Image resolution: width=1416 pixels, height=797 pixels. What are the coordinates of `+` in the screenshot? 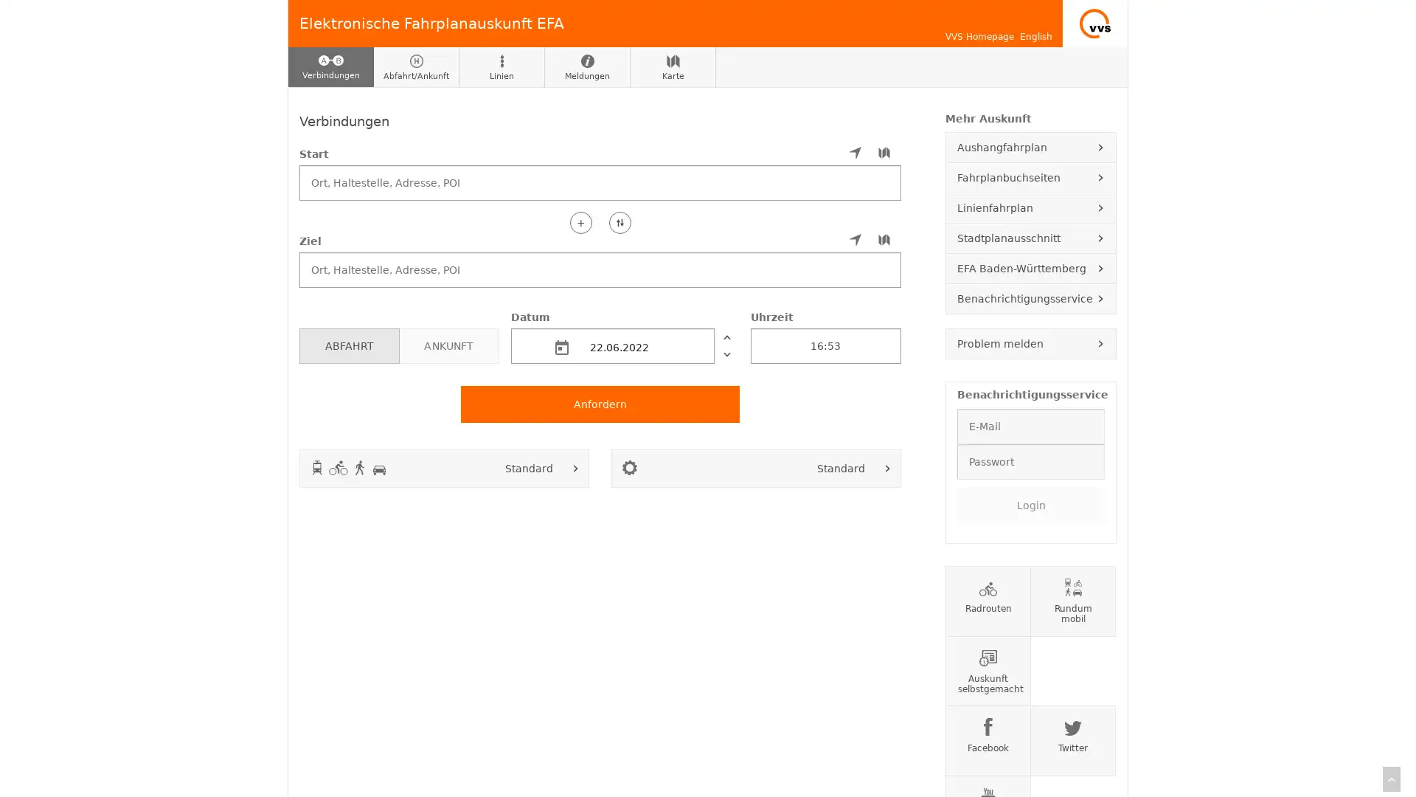 It's located at (580, 221).